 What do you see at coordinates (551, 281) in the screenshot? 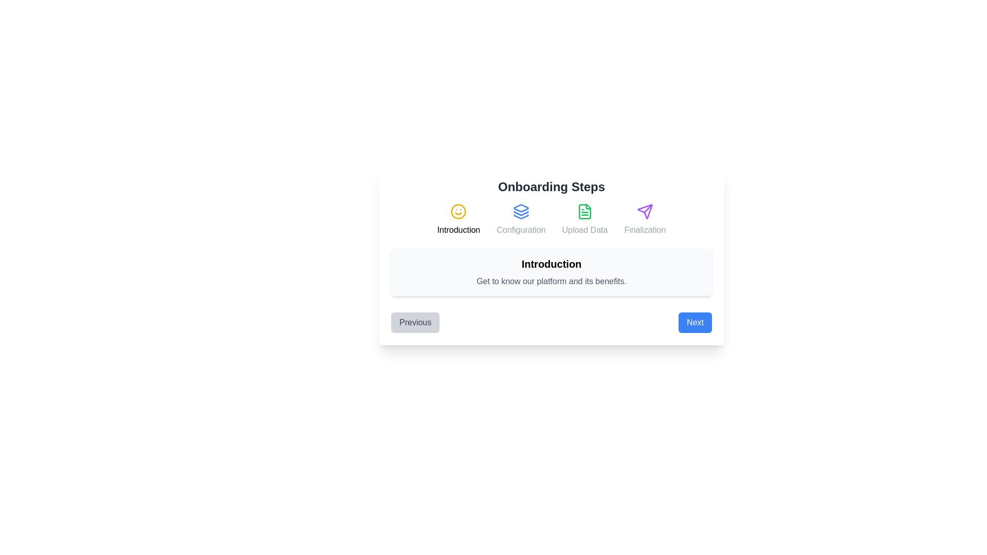
I see `the descriptive introduction text content element located within the white rounded box under the 'Introduction' step of the onboarding sequence` at bounding box center [551, 281].